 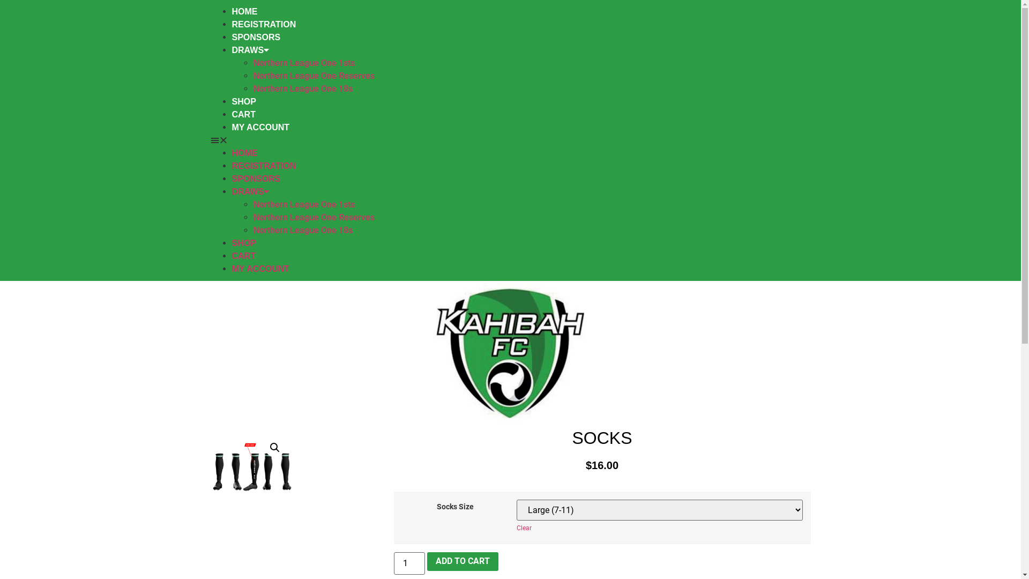 I want to click on 'CART', so click(x=243, y=256).